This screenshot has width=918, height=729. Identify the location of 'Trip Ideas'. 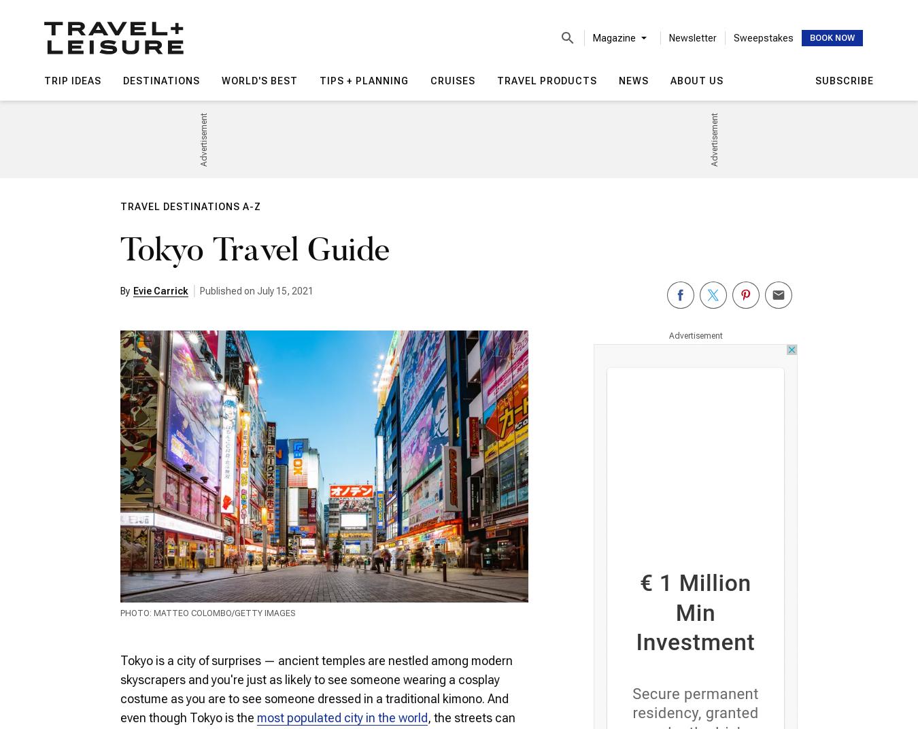
(72, 80).